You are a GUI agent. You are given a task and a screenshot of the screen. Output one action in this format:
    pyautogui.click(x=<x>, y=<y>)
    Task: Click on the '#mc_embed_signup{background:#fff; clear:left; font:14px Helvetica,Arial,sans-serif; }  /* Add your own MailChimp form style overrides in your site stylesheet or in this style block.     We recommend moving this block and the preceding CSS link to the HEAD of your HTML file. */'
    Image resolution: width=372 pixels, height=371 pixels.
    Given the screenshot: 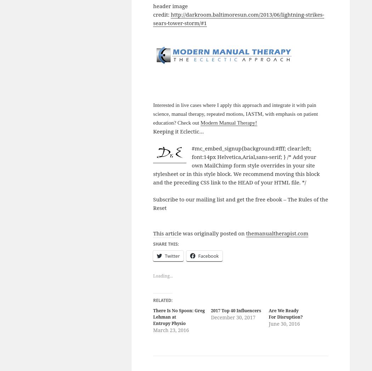 What is the action you would take?
    pyautogui.click(x=236, y=165)
    